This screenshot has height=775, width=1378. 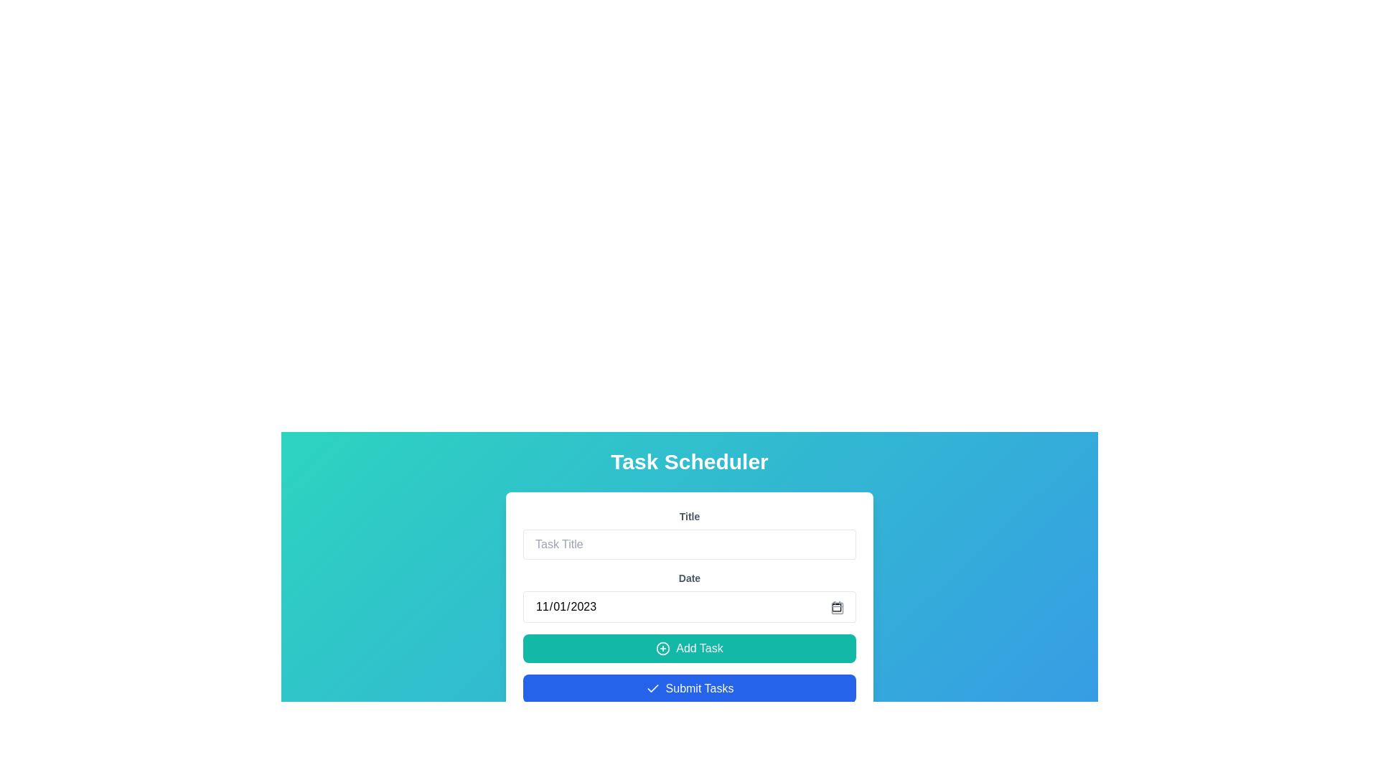 What do you see at coordinates (837, 606) in the screenshot?
I see `the Calendar icon located at the right end of the 'Date' input field in the 'Task Scheduler' interface` at bounding box center [837, 606].